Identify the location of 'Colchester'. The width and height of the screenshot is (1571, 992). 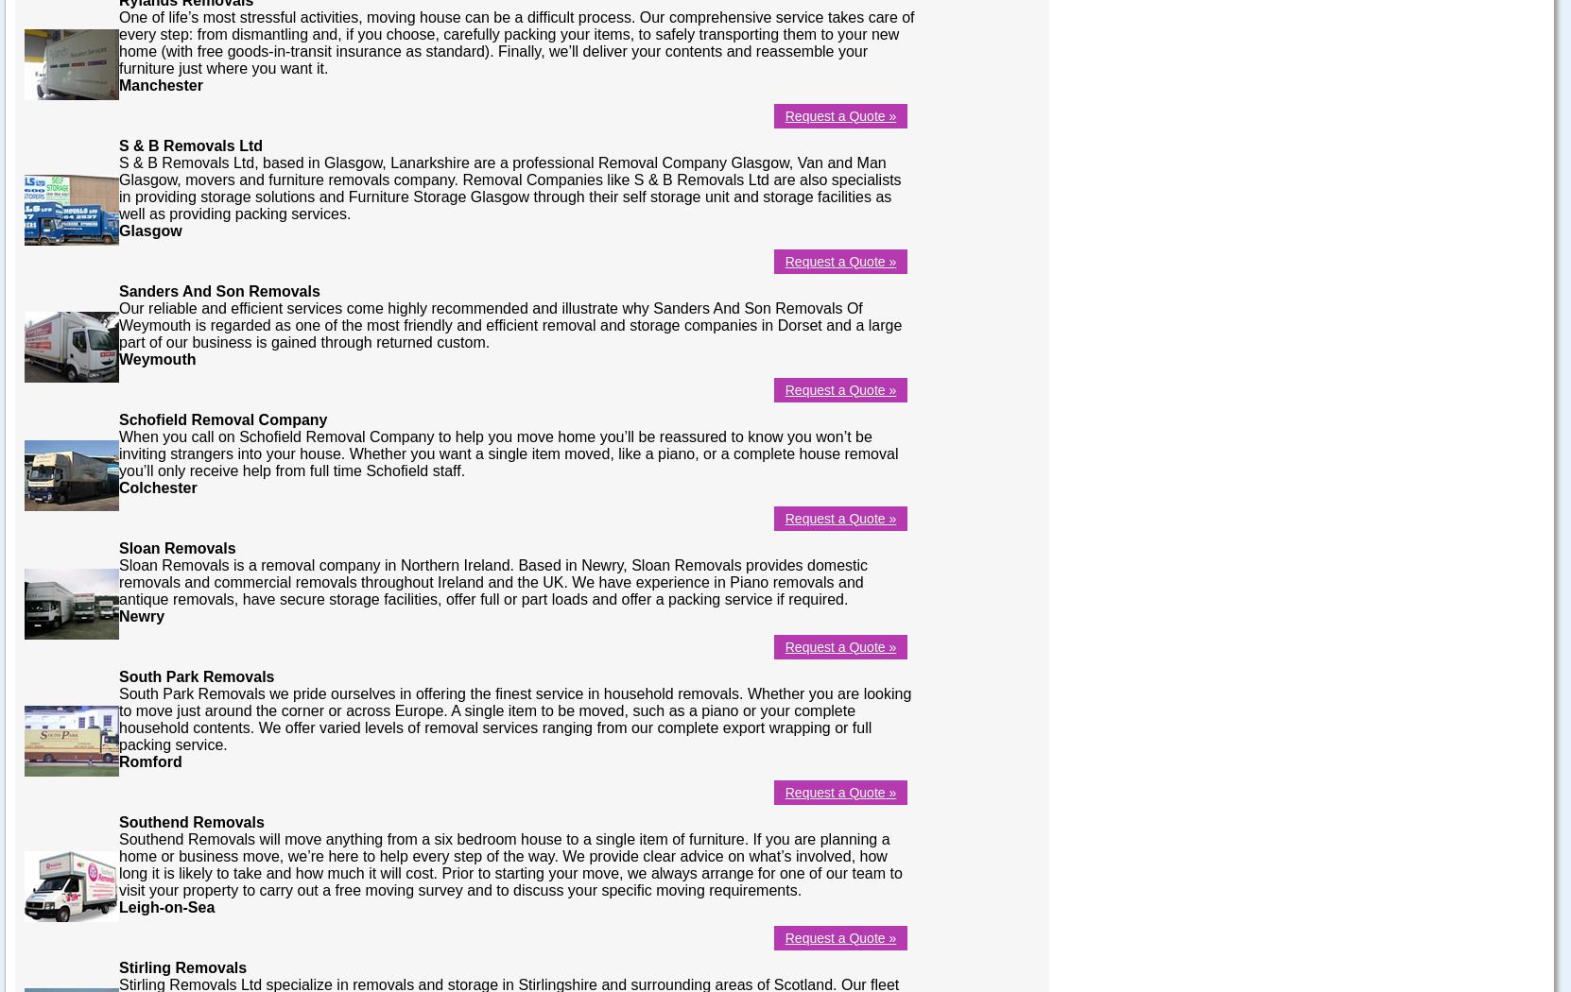
(157, 486).